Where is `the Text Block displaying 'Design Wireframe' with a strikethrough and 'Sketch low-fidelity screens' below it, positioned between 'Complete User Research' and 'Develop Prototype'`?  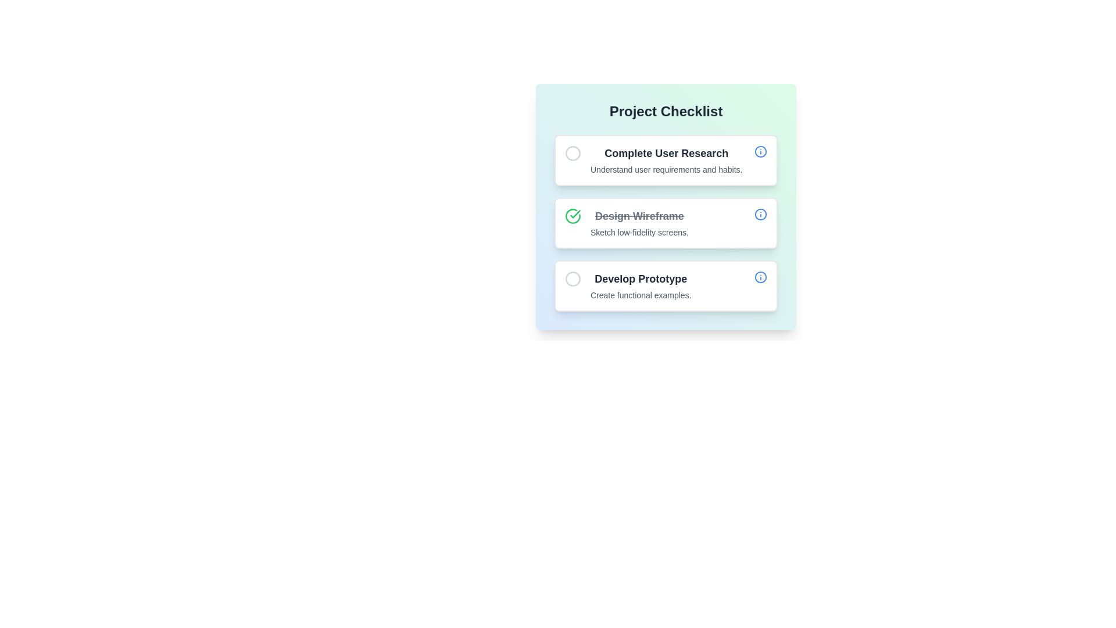
the Text Block displaying 'Design Wireframe' with a strikethrough and 'Sketch low-fidelity screens' below it, positioned between 'Complete User Research' and 'Develop Prototype' is located at coordinates (639, 223).